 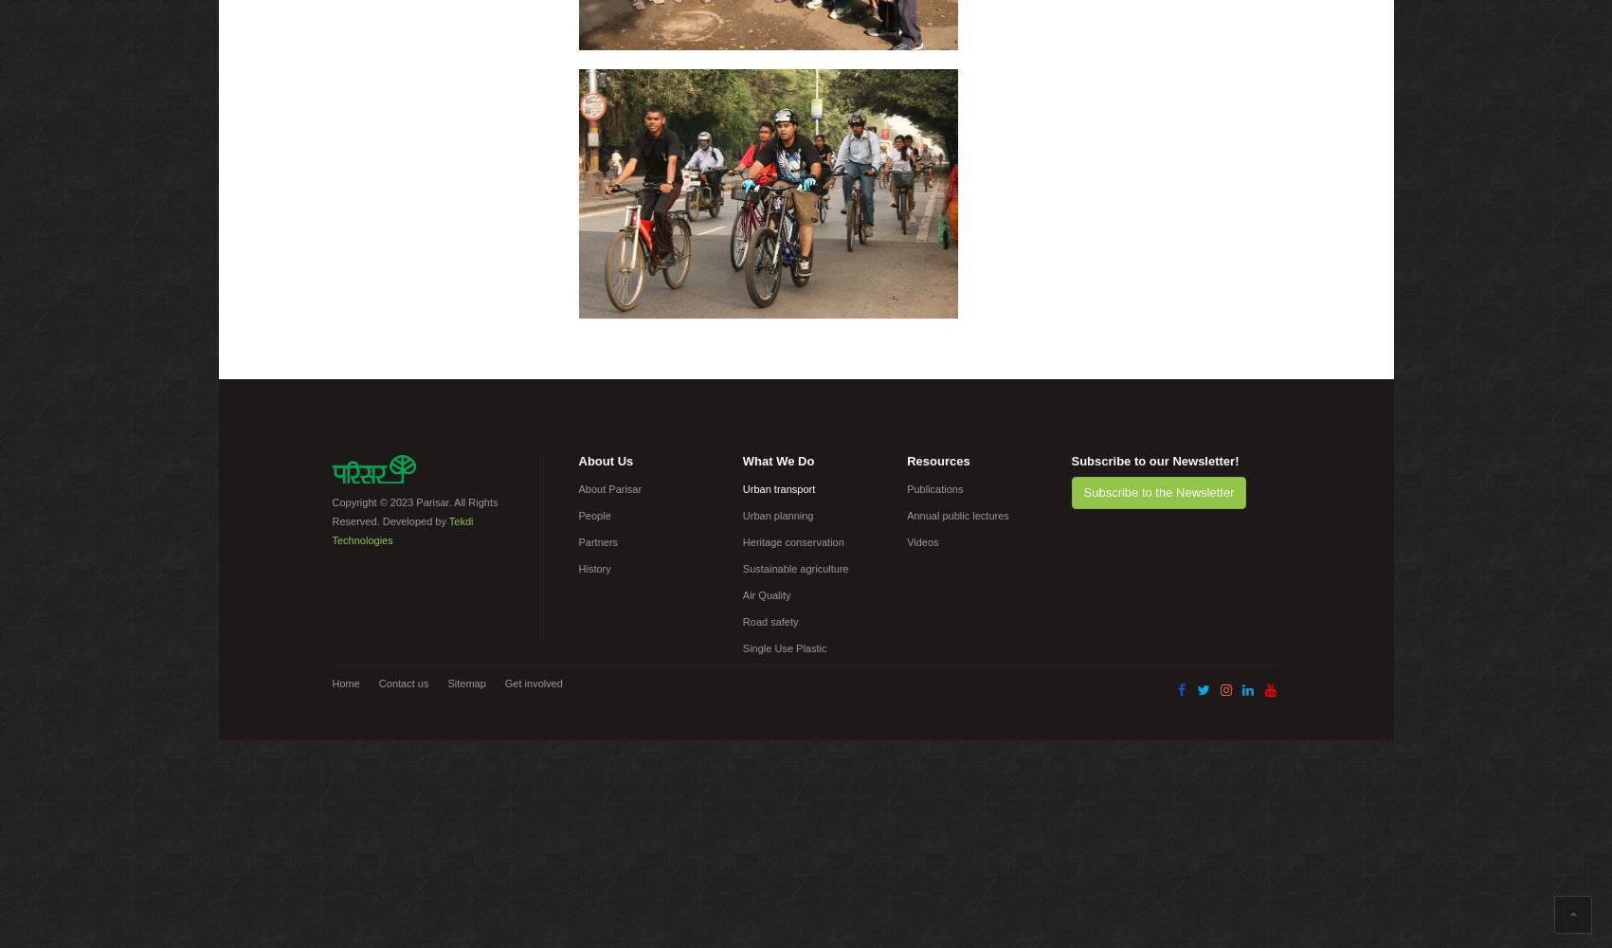 What do you see at coordinates (937, 460) in the screenshot?
I see `'Resources'` at bounding box center [937, 460].